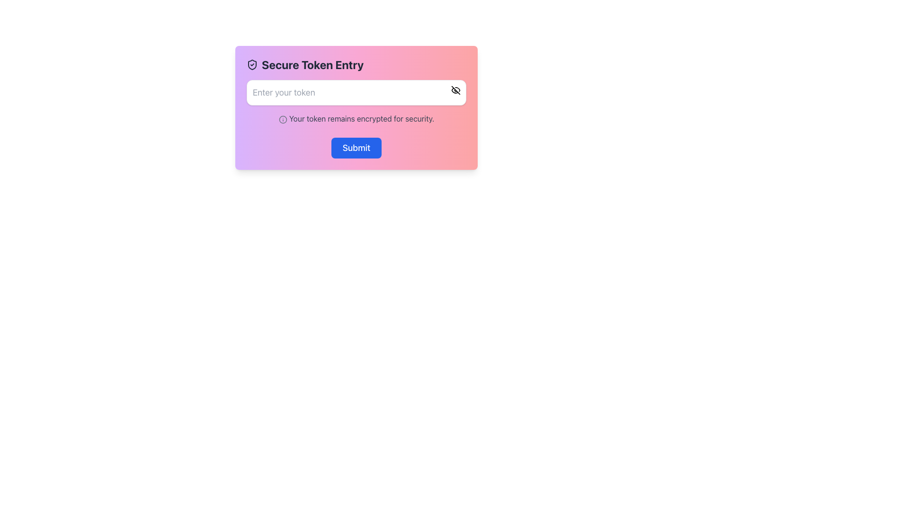  Describe the element at coordinates (456, 90) in the screenshot. I see `the input field labeled 'Enter your token' that the SVG slashed line icon is part of` at that location.